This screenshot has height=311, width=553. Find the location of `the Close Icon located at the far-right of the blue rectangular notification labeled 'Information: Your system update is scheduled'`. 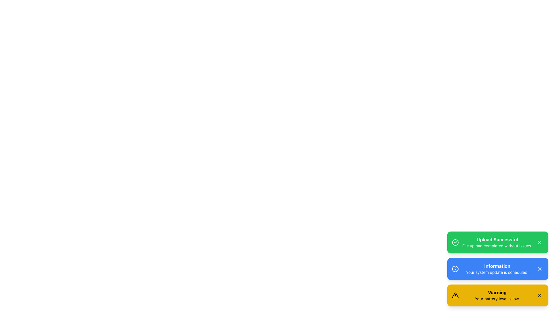

the Close Icon located at the far-right of the blue rectangular notification labeled 'Information: Your system update is scheduled' is located at coordinates (539, 269).